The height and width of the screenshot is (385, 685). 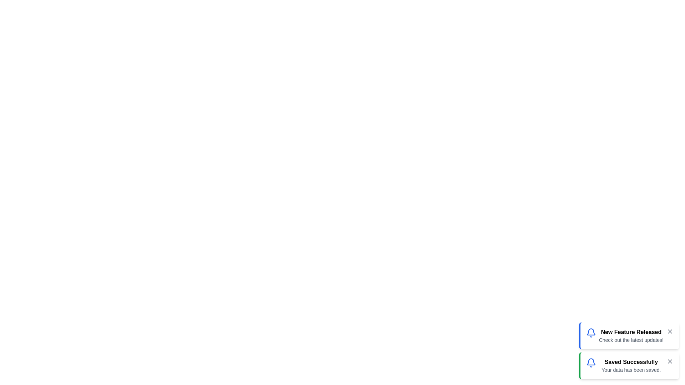 I want to click on the notification box that has a white background, green left border, rounded corners, a blue notification icon, and contains the title 'Saved Successfully' with supporting text 'Your data has been saved.', so click(x=629, y=366).